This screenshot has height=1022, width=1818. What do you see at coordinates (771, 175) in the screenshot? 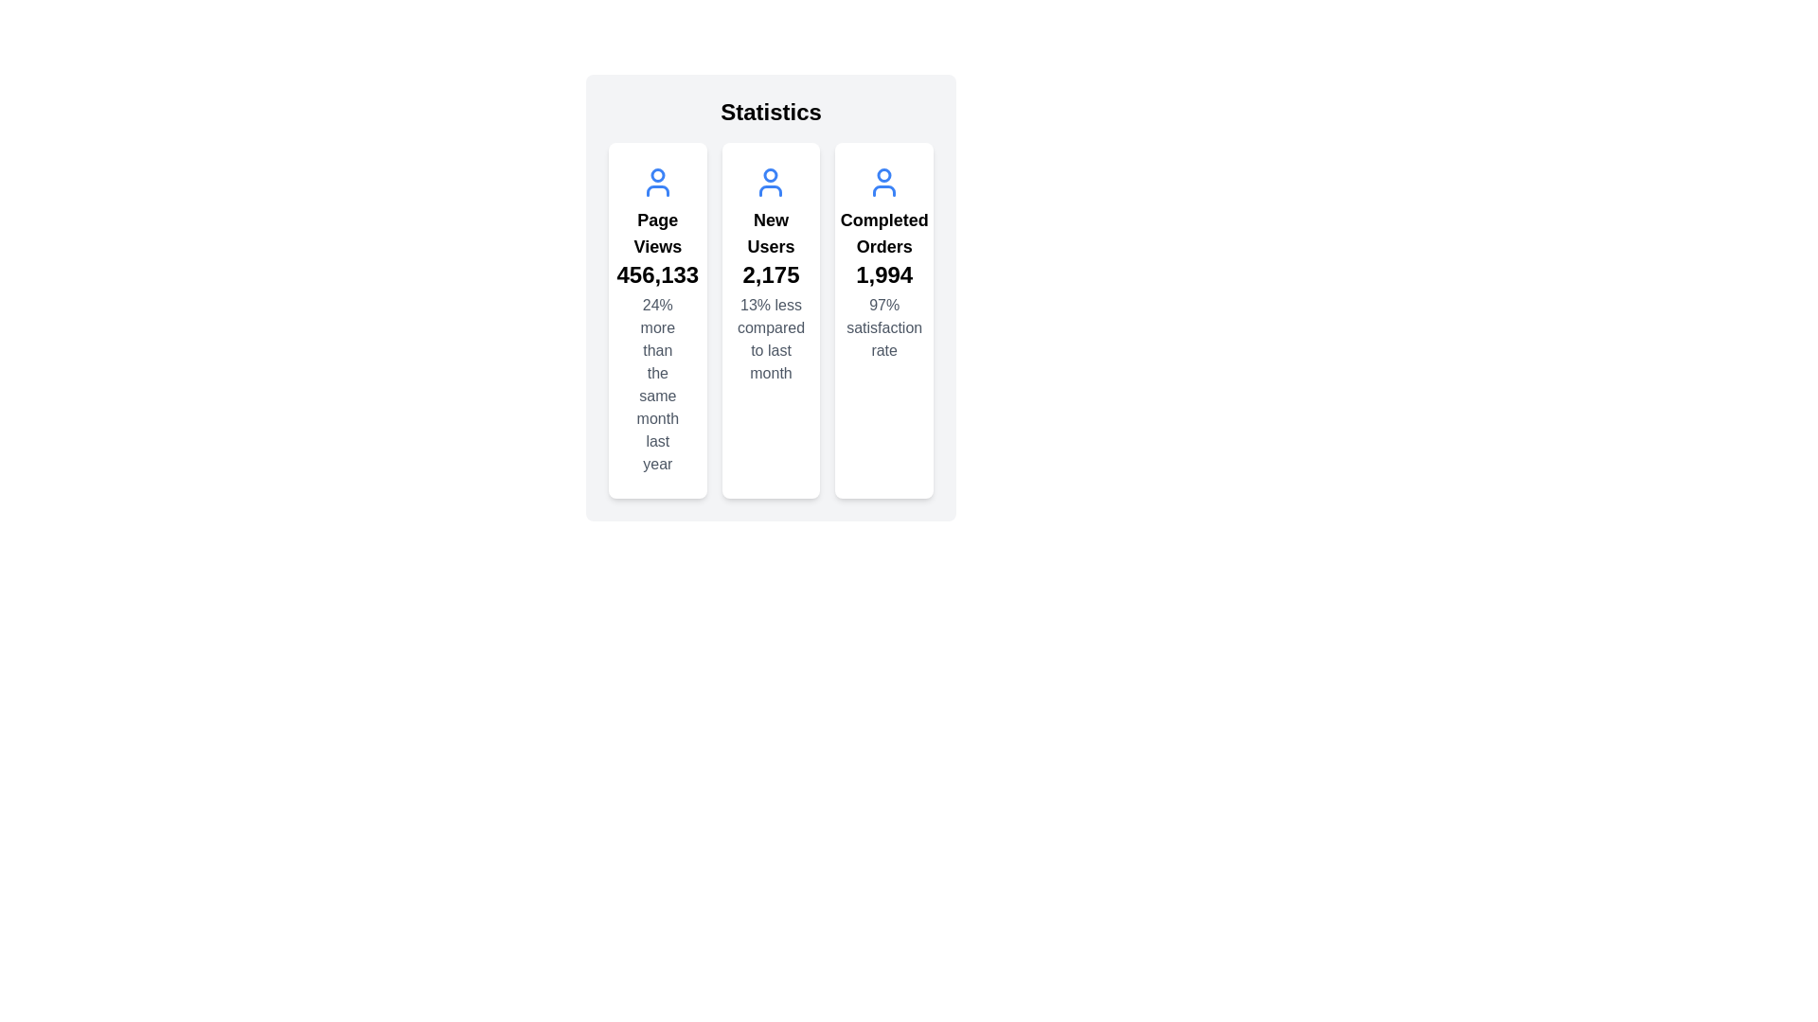
I see `circular SVG element located at the top of the user icon, which has a radius of 4 and no visible fill or stroke attributes` at bounding box center [771, 175].